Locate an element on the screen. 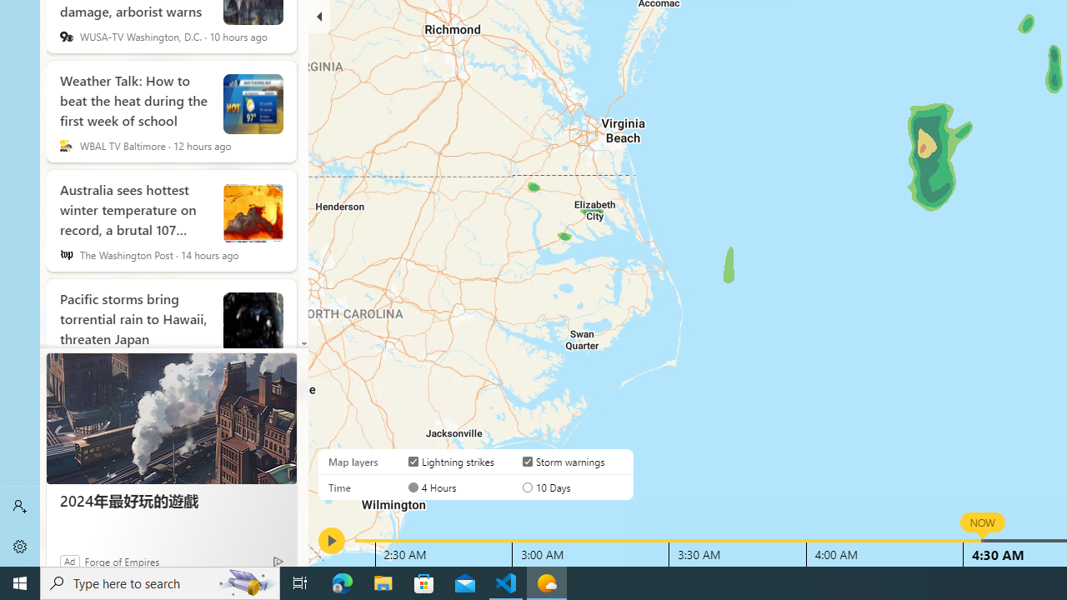 The height and width of the screenshot is (600, 1067). 'Weather - 1 running window' is located at coordinates (547, 582).